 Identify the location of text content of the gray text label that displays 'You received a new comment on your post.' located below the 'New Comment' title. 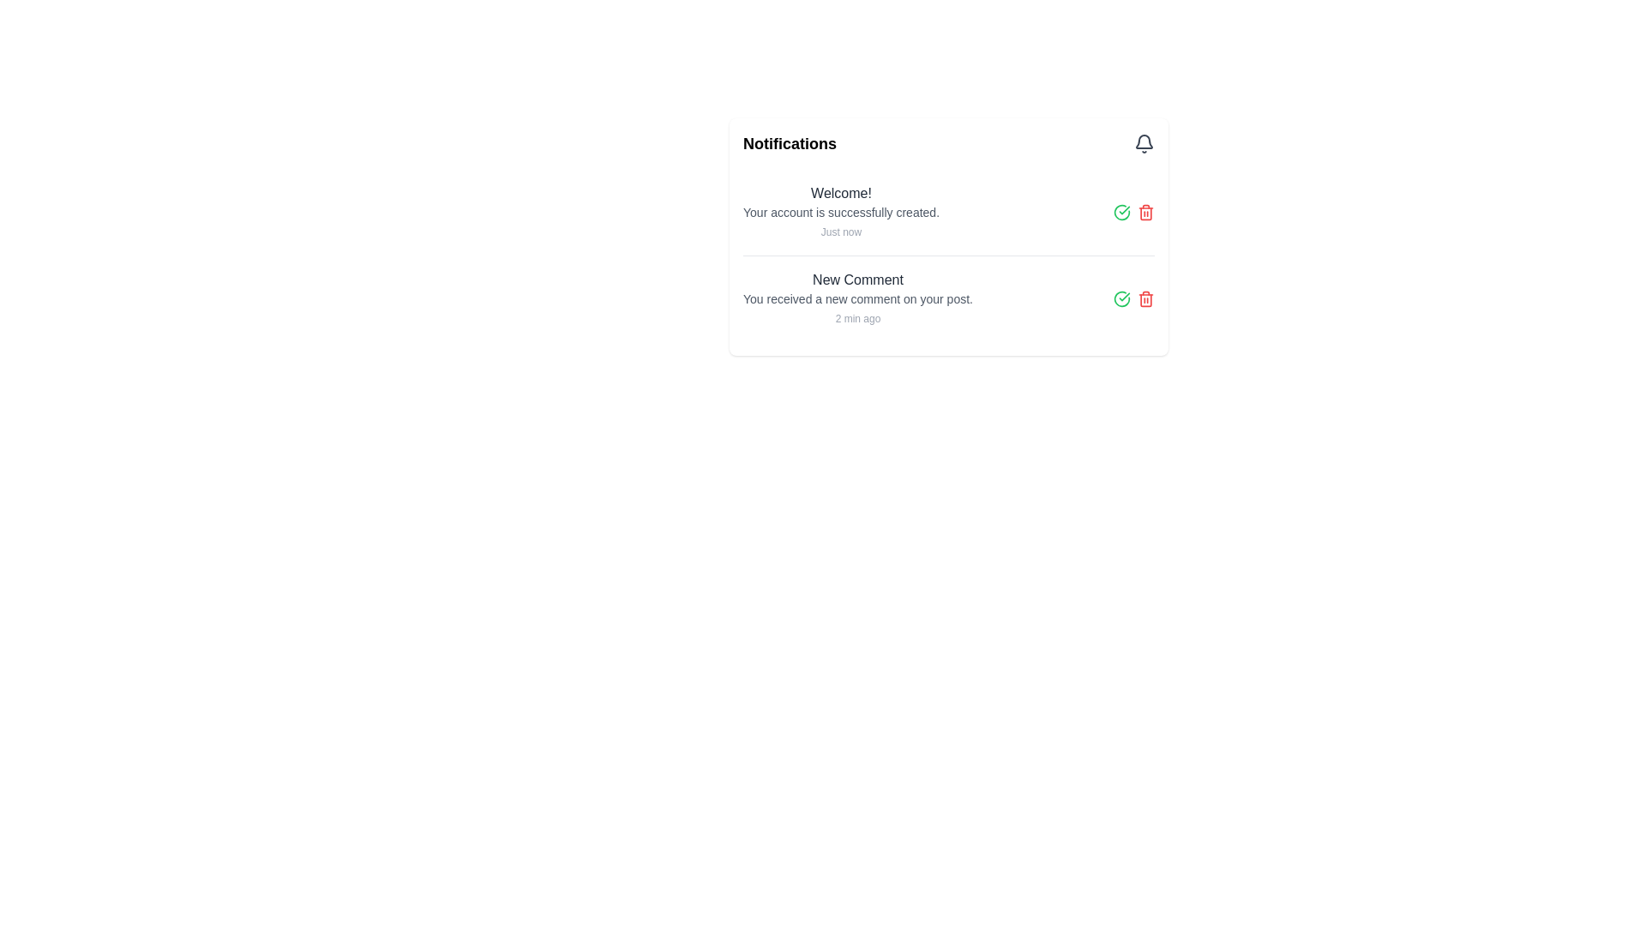
(857, 298).